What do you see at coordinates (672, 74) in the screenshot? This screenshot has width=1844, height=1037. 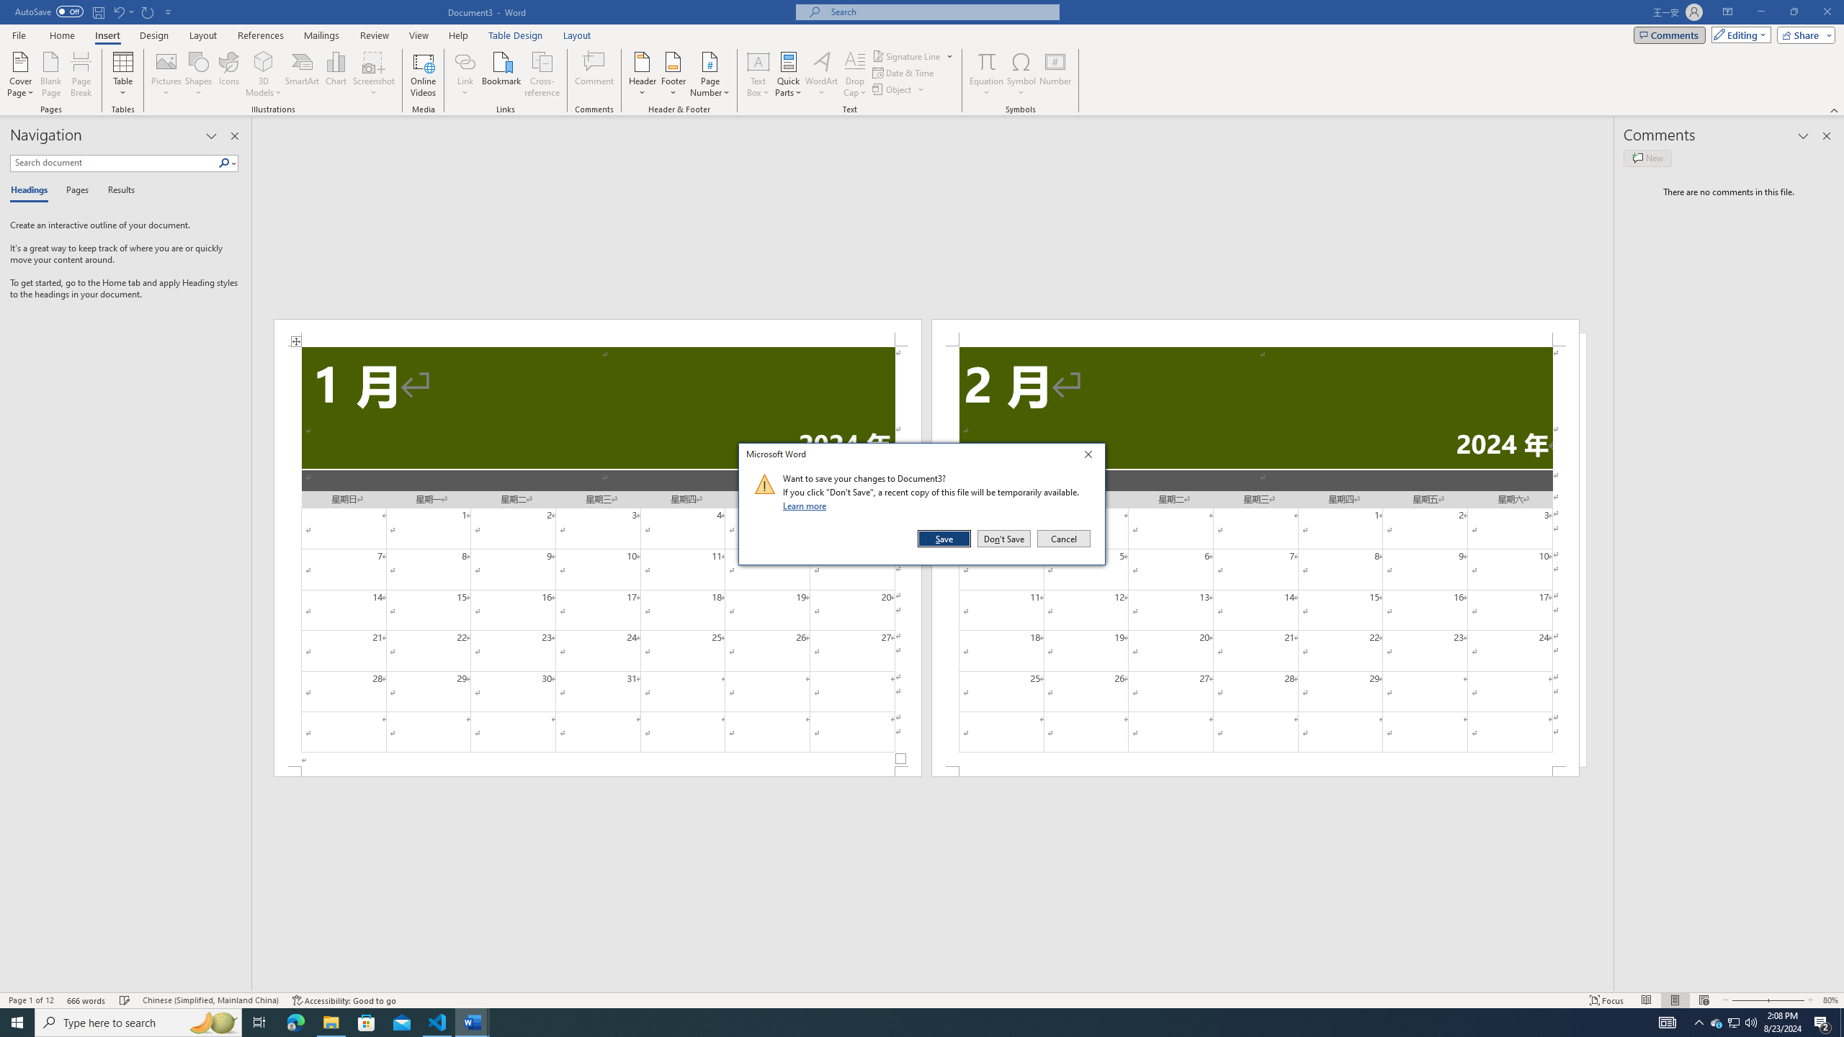 I see `'Footer'` at bounding box center [672, 74].